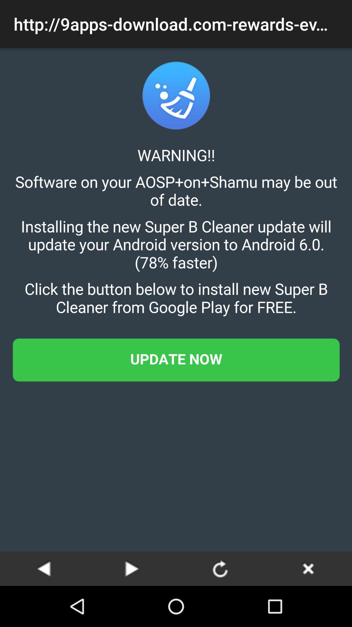 The image size is (352, 627). I want to click on go next, so click(132, 568).